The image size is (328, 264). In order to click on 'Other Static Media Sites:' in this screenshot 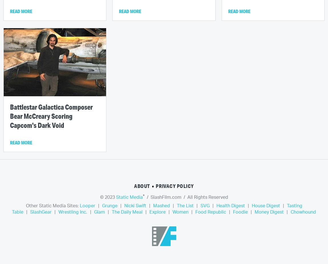, I will do `click(52, 205)`.